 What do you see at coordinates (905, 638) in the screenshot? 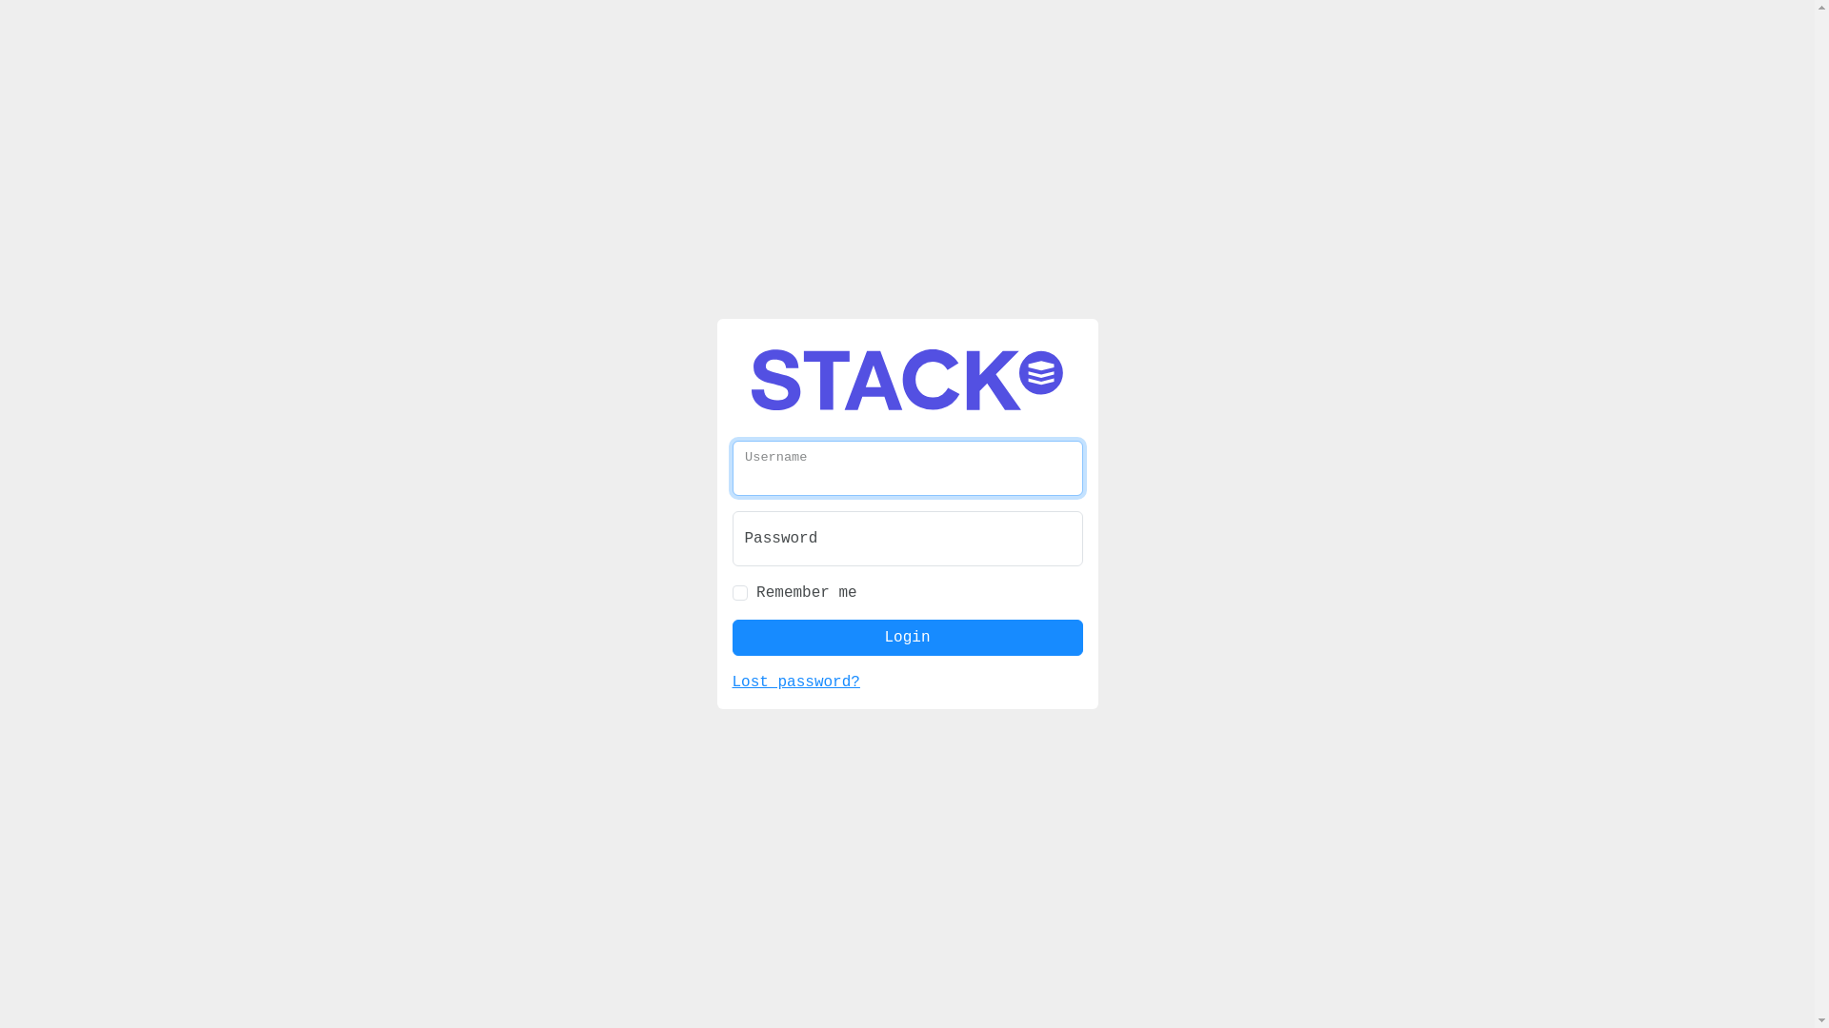
I see `'Login'` at bounding box center [905, 638].